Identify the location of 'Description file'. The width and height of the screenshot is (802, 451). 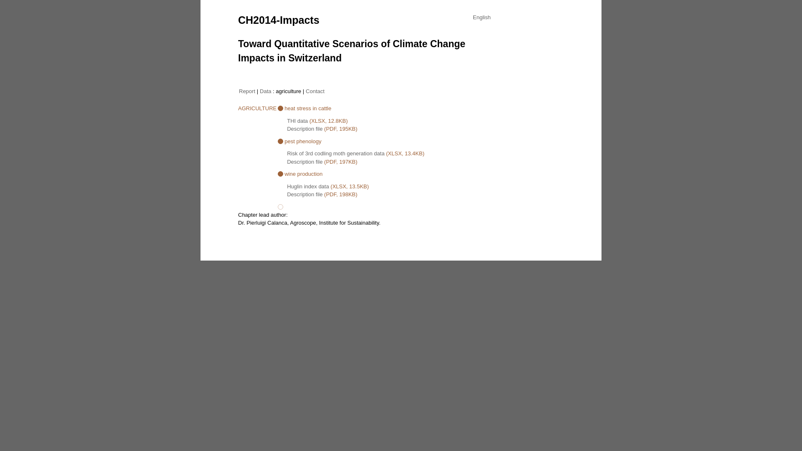
(304, 129).